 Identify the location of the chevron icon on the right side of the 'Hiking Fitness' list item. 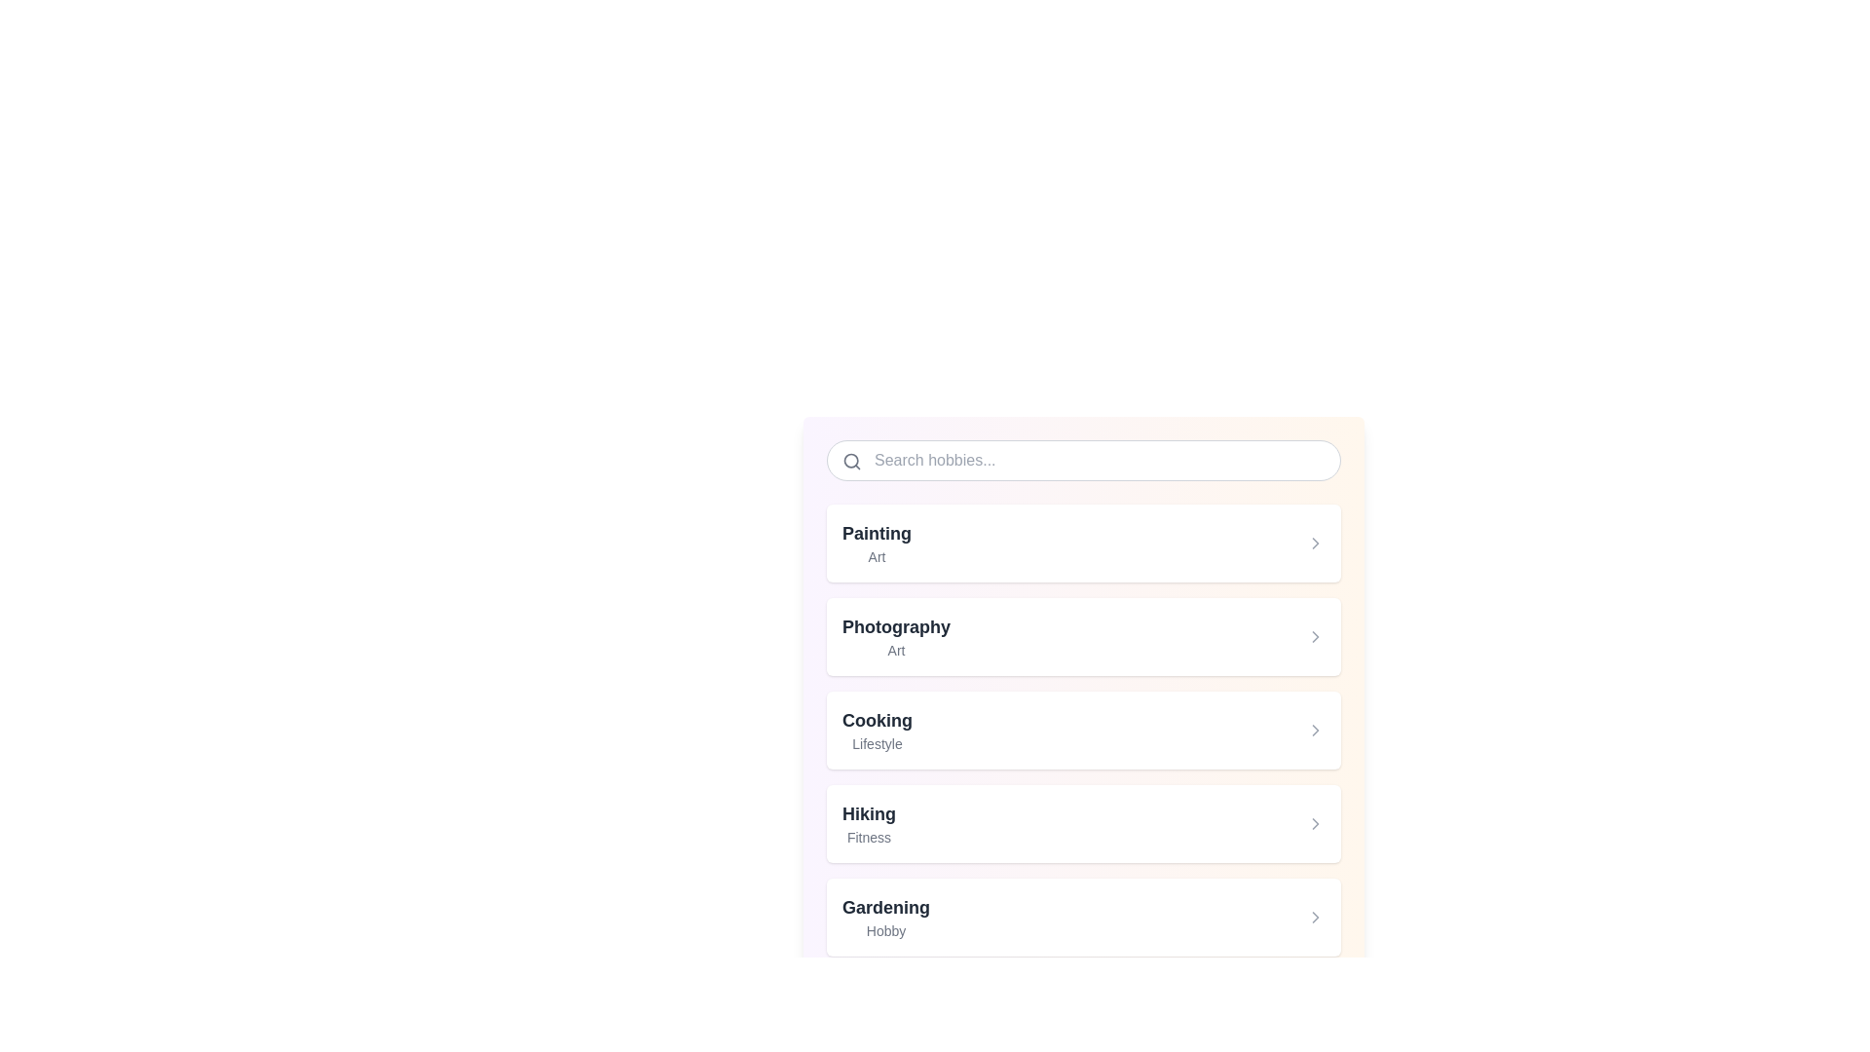
(1315, 823).